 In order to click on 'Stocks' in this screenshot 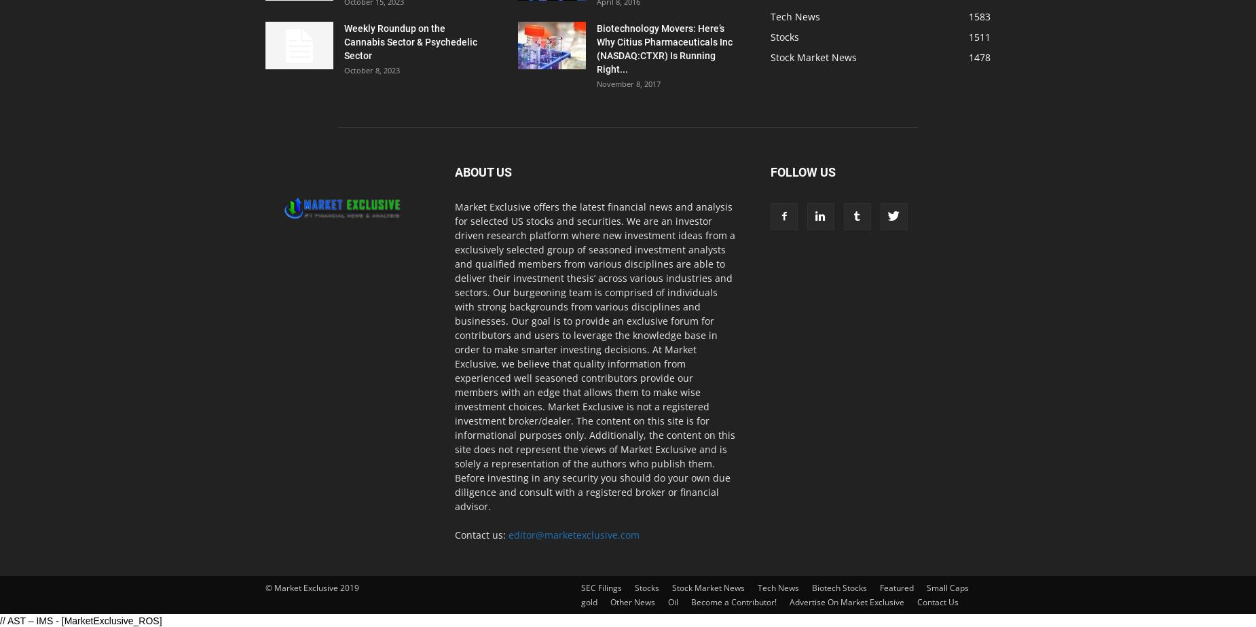, I will do `click(784, 37)`.